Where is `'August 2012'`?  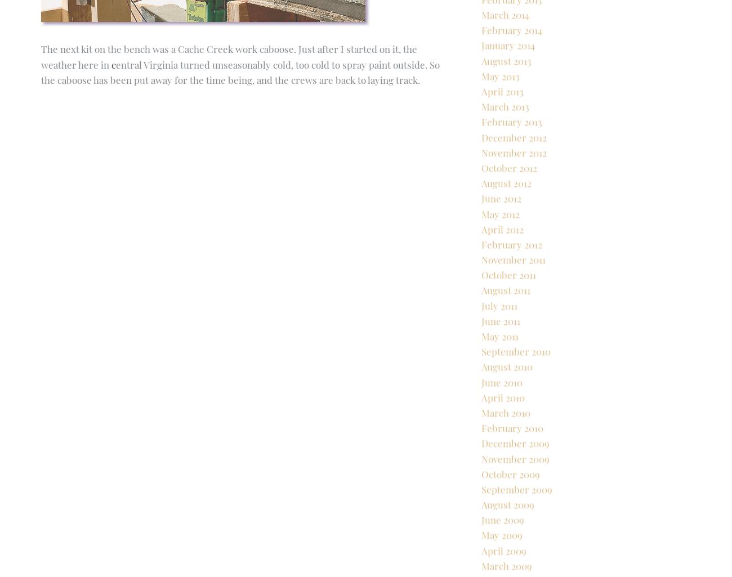 'August 2012' is located at coordinates (506, 222).